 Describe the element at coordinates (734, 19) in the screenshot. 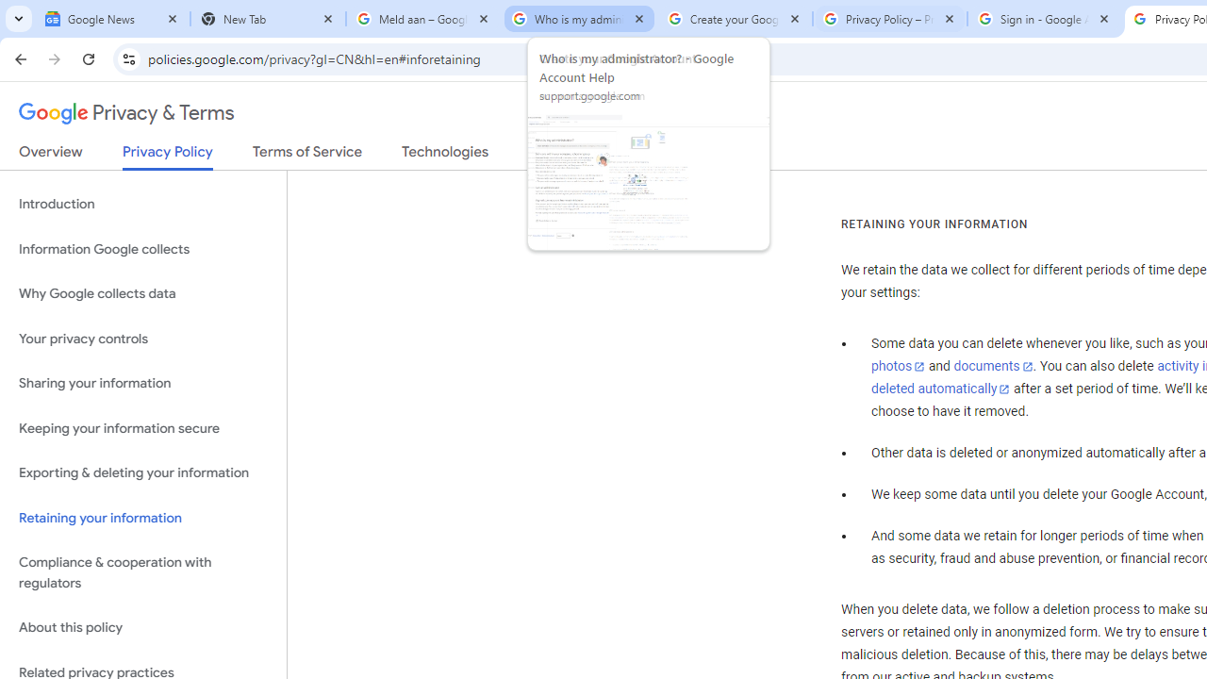

I see `'Create your Google Account'` at that location.